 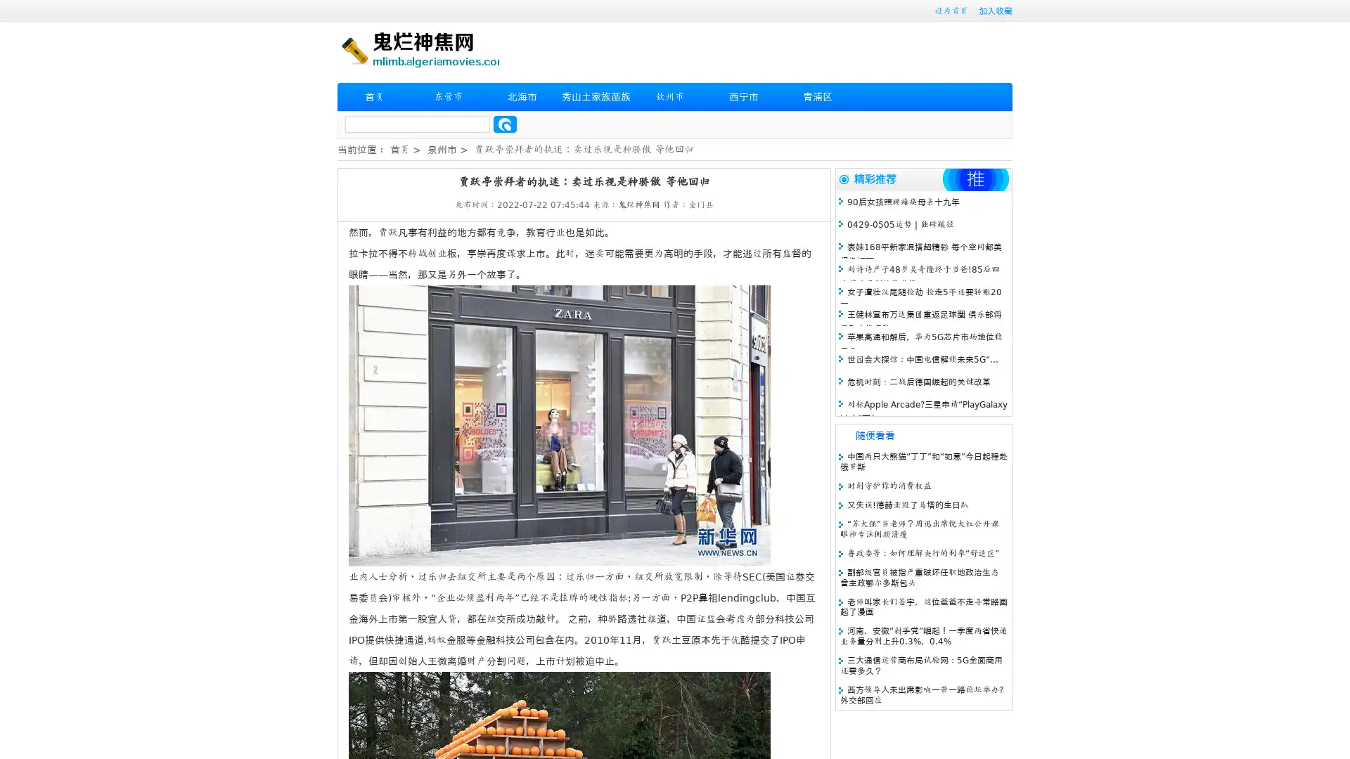 I want to click on Search, so click(x=505, y=124).